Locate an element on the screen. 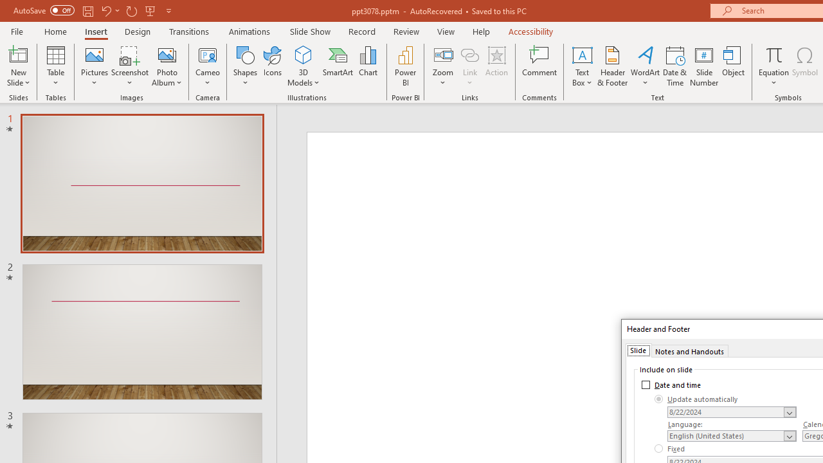 The height and width of the screenshot is (463, 823). 'Screenshot' is located at coordinates (130, 66).